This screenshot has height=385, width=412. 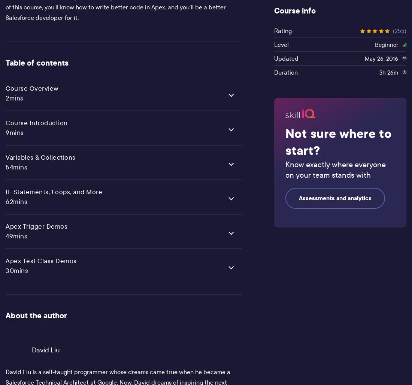 What do you see at coordinates (14, 97) in the screenshot?
I see `'2mins'` at bounding box center [14, 97].